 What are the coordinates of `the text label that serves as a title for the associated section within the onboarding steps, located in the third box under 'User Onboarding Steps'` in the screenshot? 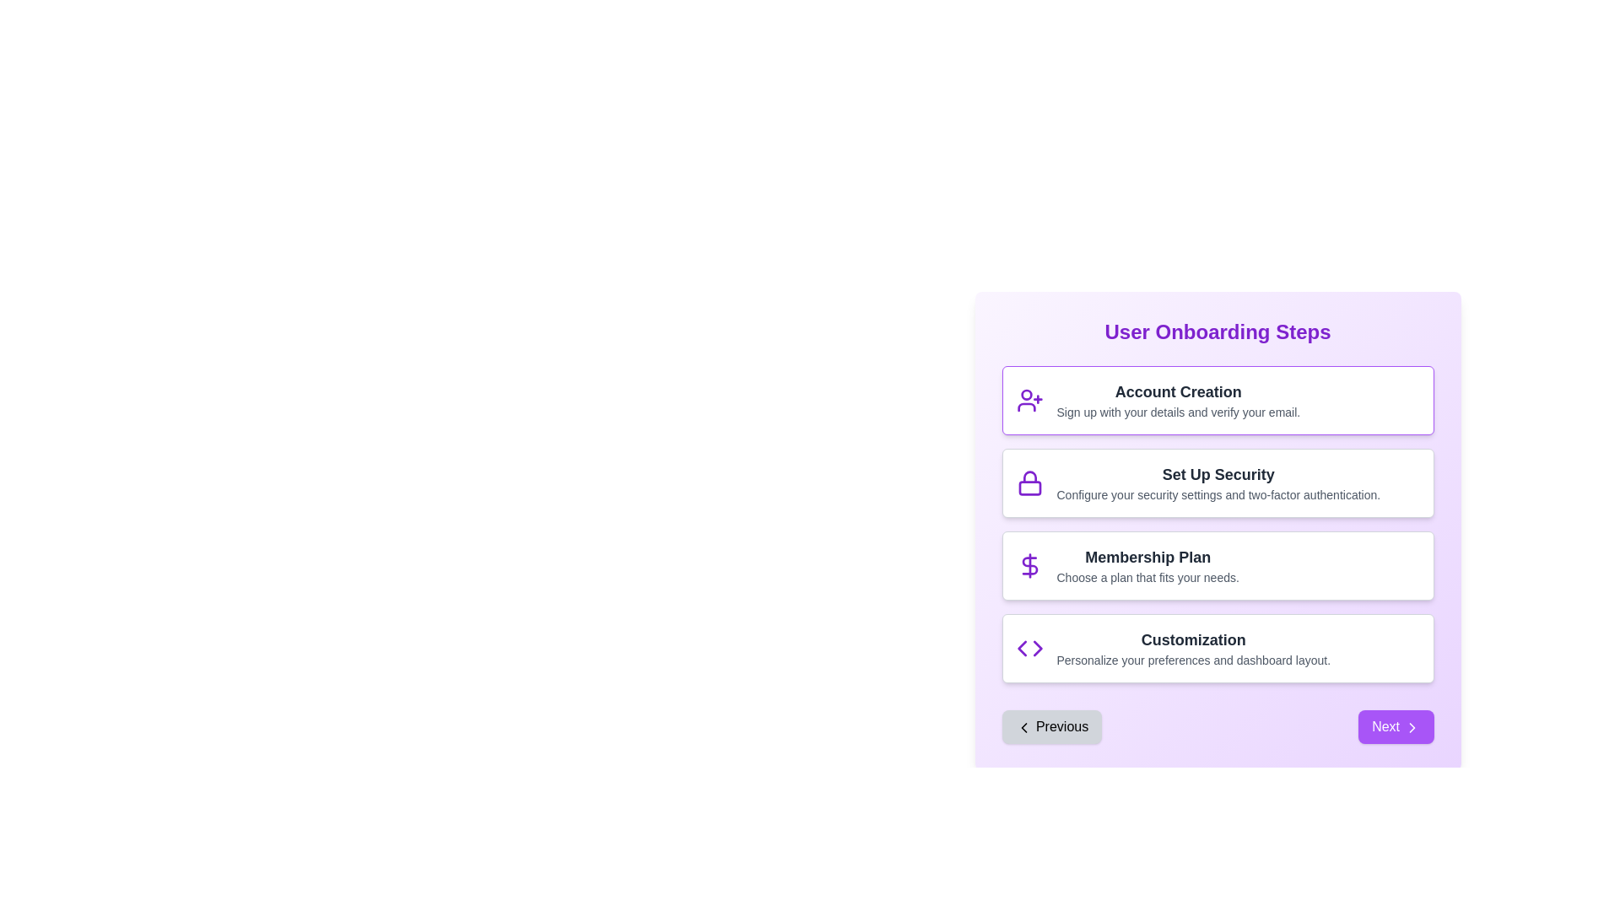 It's located at (1147, 557).